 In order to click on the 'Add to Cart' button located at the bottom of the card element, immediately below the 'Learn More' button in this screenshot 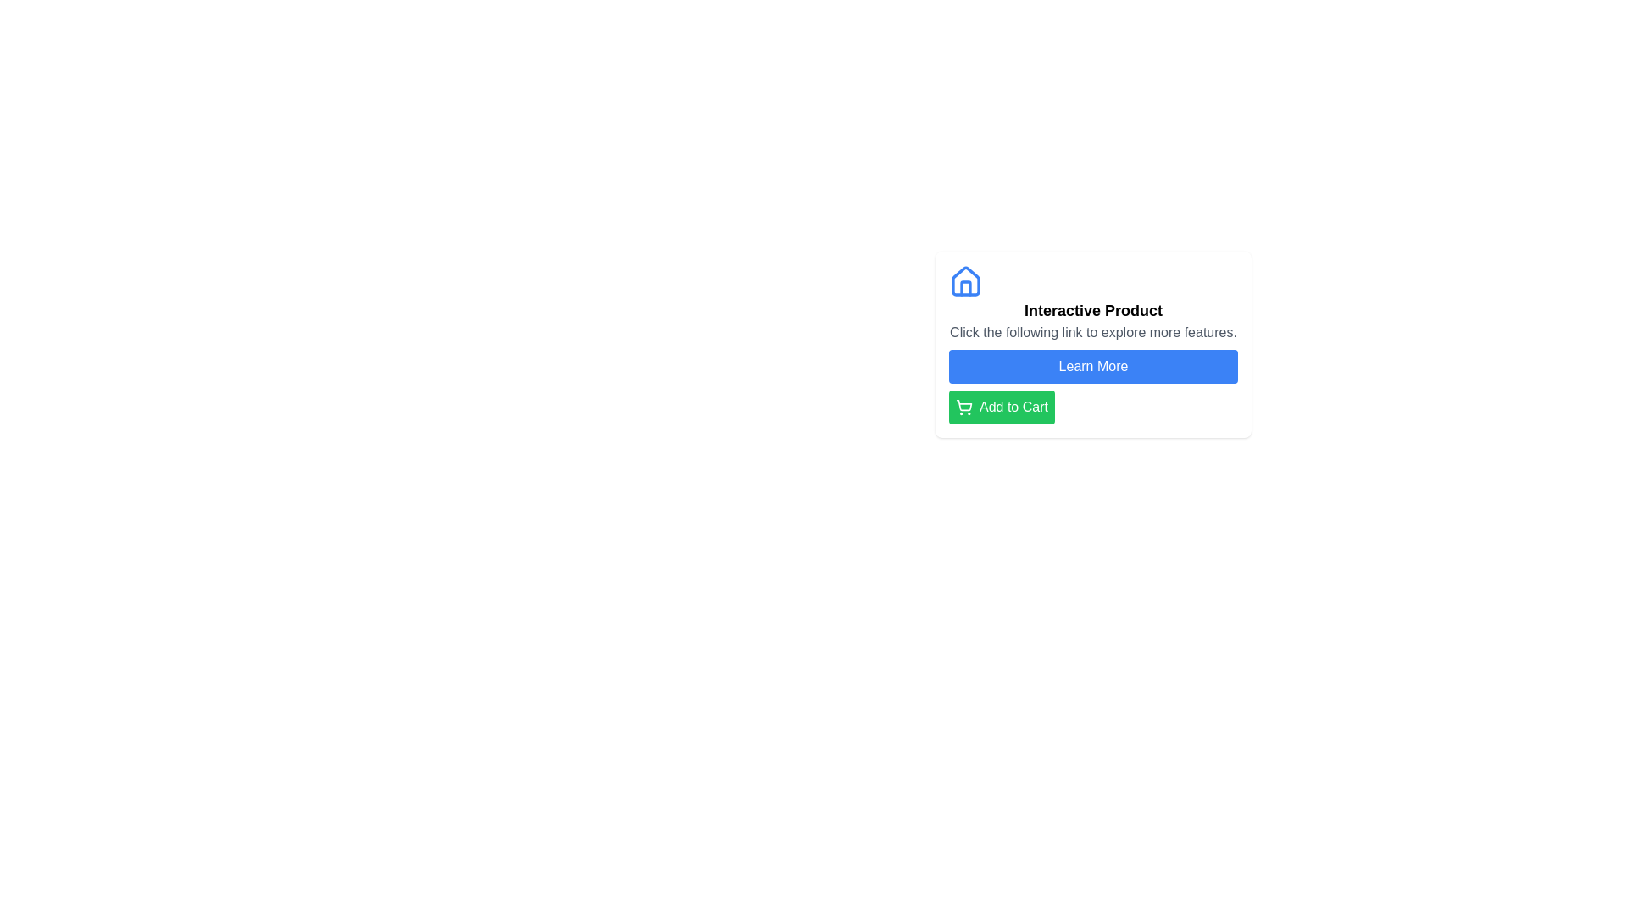, I will do `click(1002, 408)`.